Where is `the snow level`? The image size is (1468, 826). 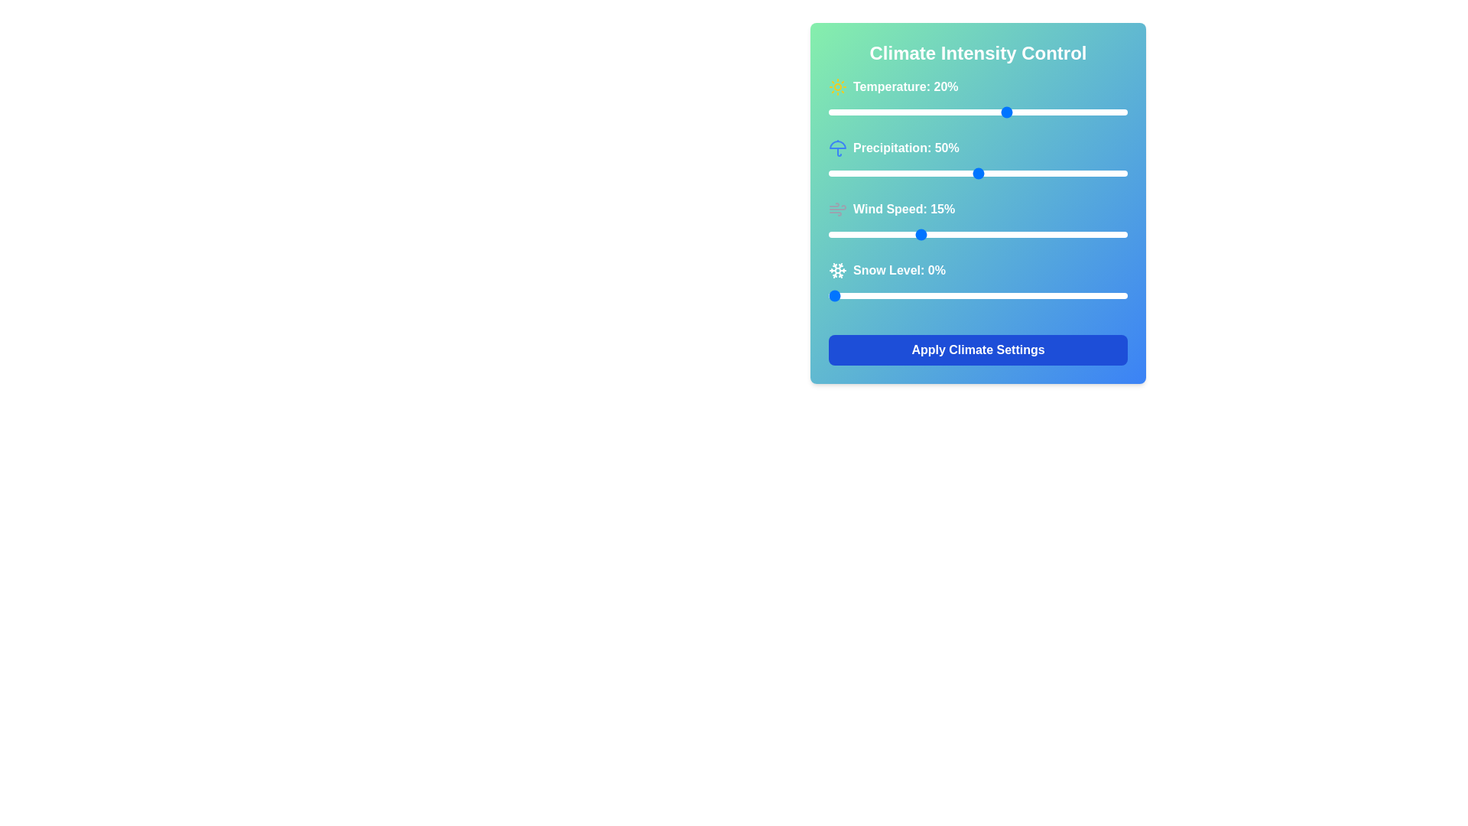
the snow level is located at coordinates (849, 295).